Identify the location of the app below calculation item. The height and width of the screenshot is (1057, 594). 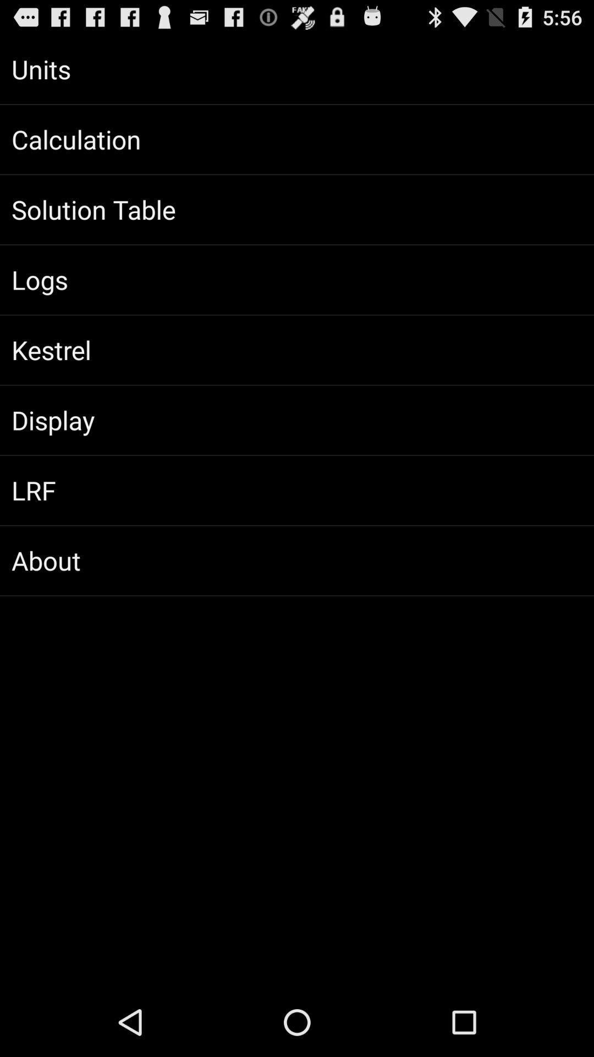
(297, 209).